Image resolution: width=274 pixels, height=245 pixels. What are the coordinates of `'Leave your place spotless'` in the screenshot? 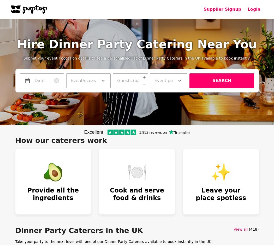 It's located at (196, 194).